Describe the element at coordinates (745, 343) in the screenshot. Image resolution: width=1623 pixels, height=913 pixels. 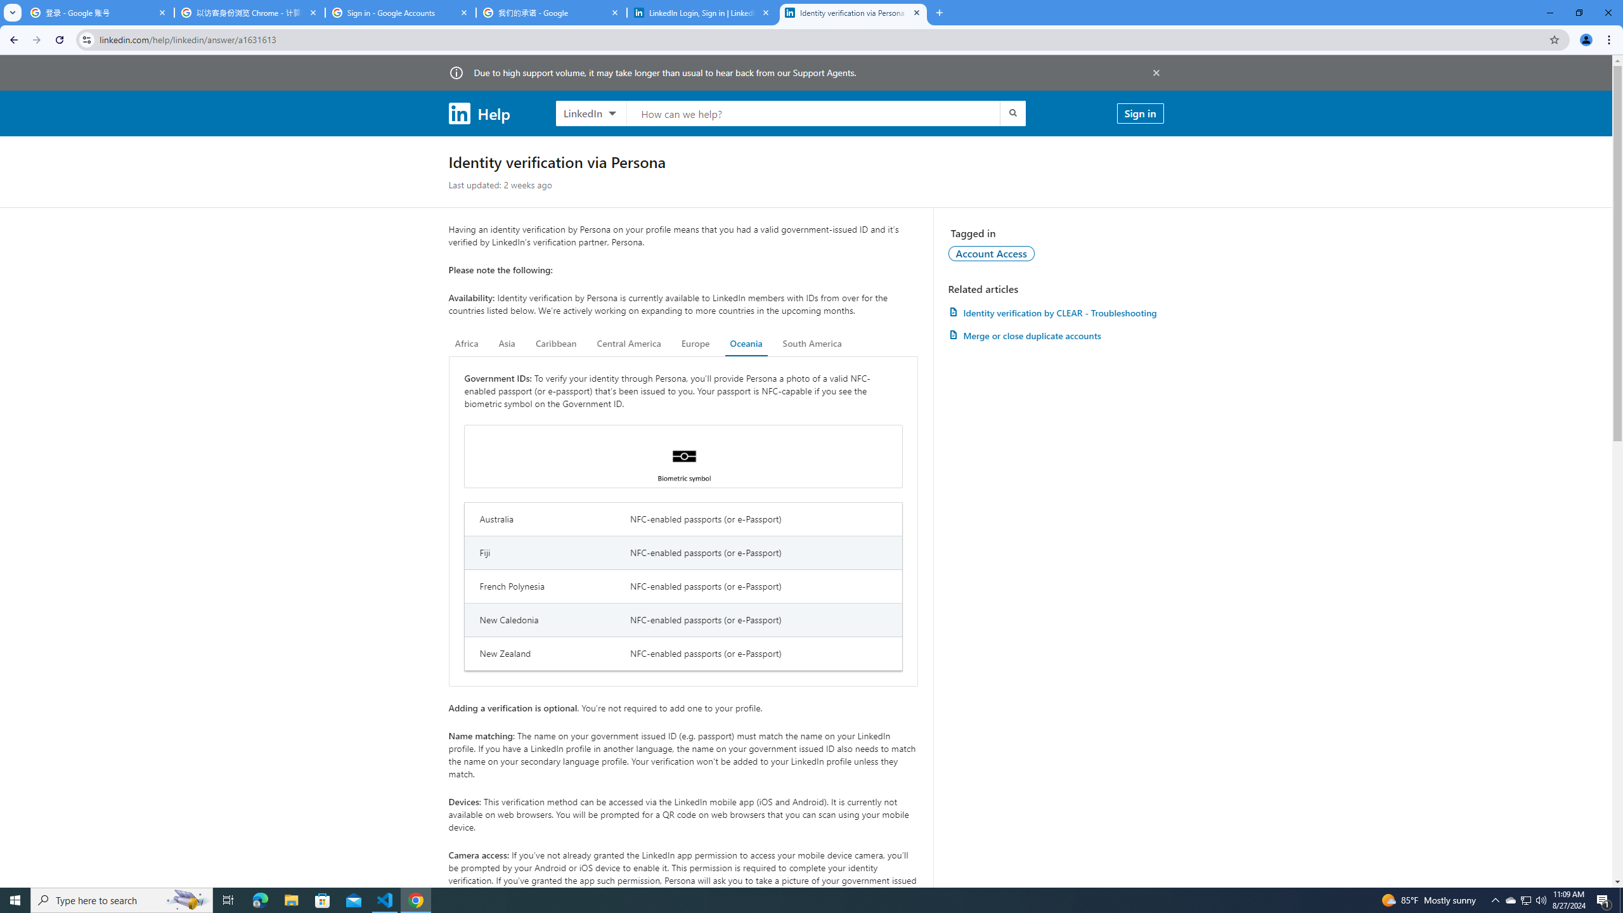
I see `'Oceania'` at that location.